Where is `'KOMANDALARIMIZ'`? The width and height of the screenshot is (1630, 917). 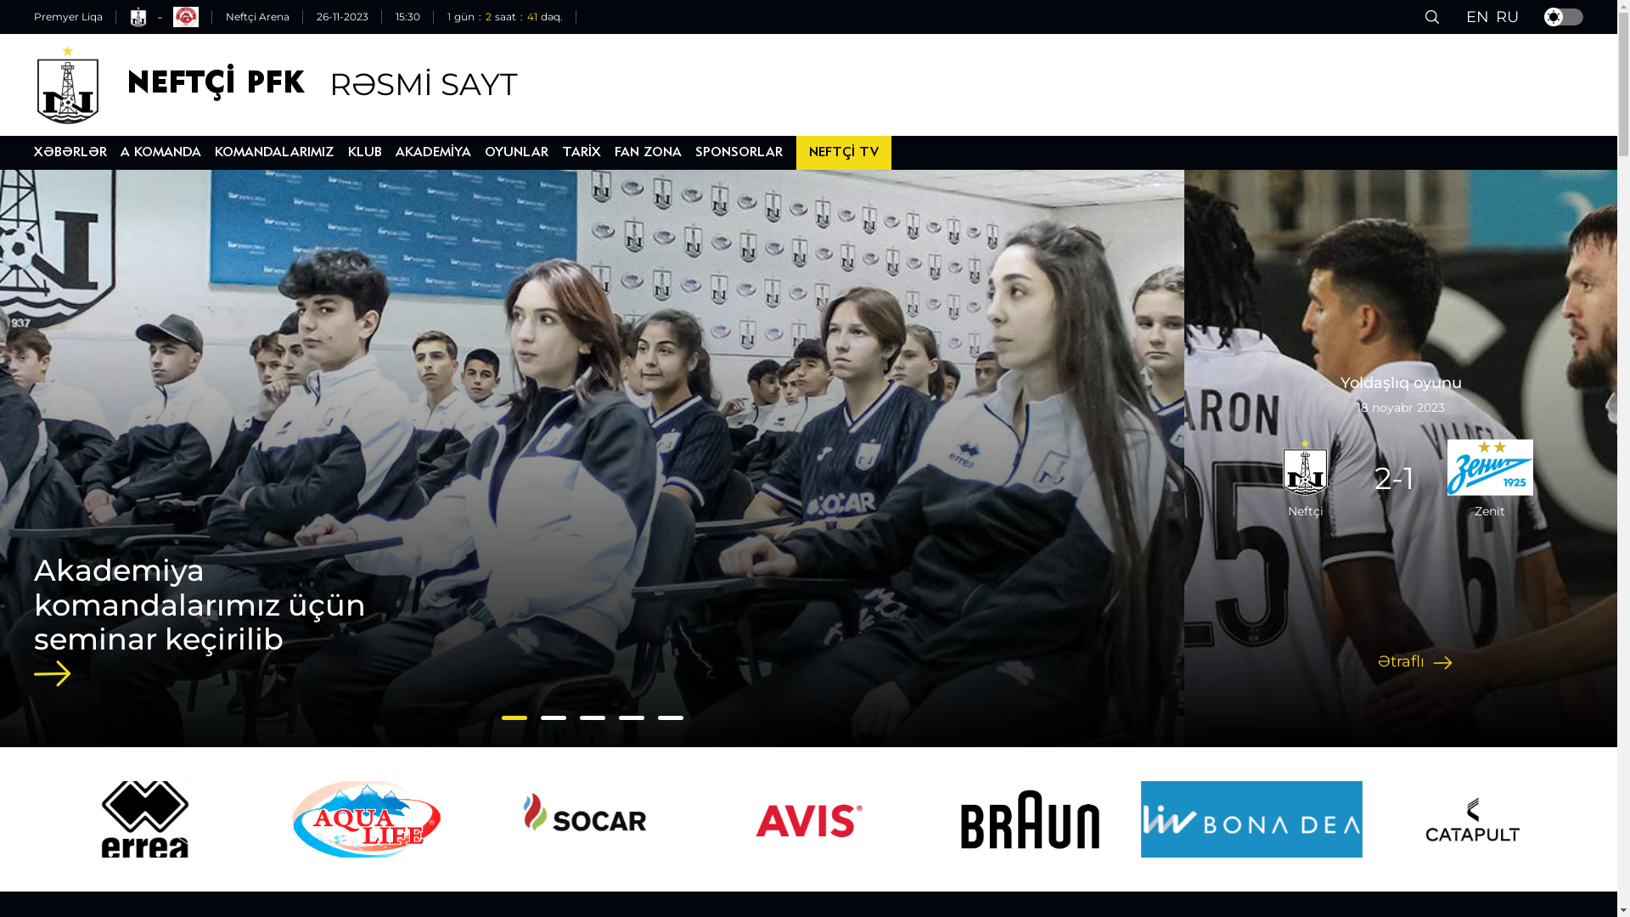
'KOMANDALARIMIZ' is located at coordinates (274, 153).